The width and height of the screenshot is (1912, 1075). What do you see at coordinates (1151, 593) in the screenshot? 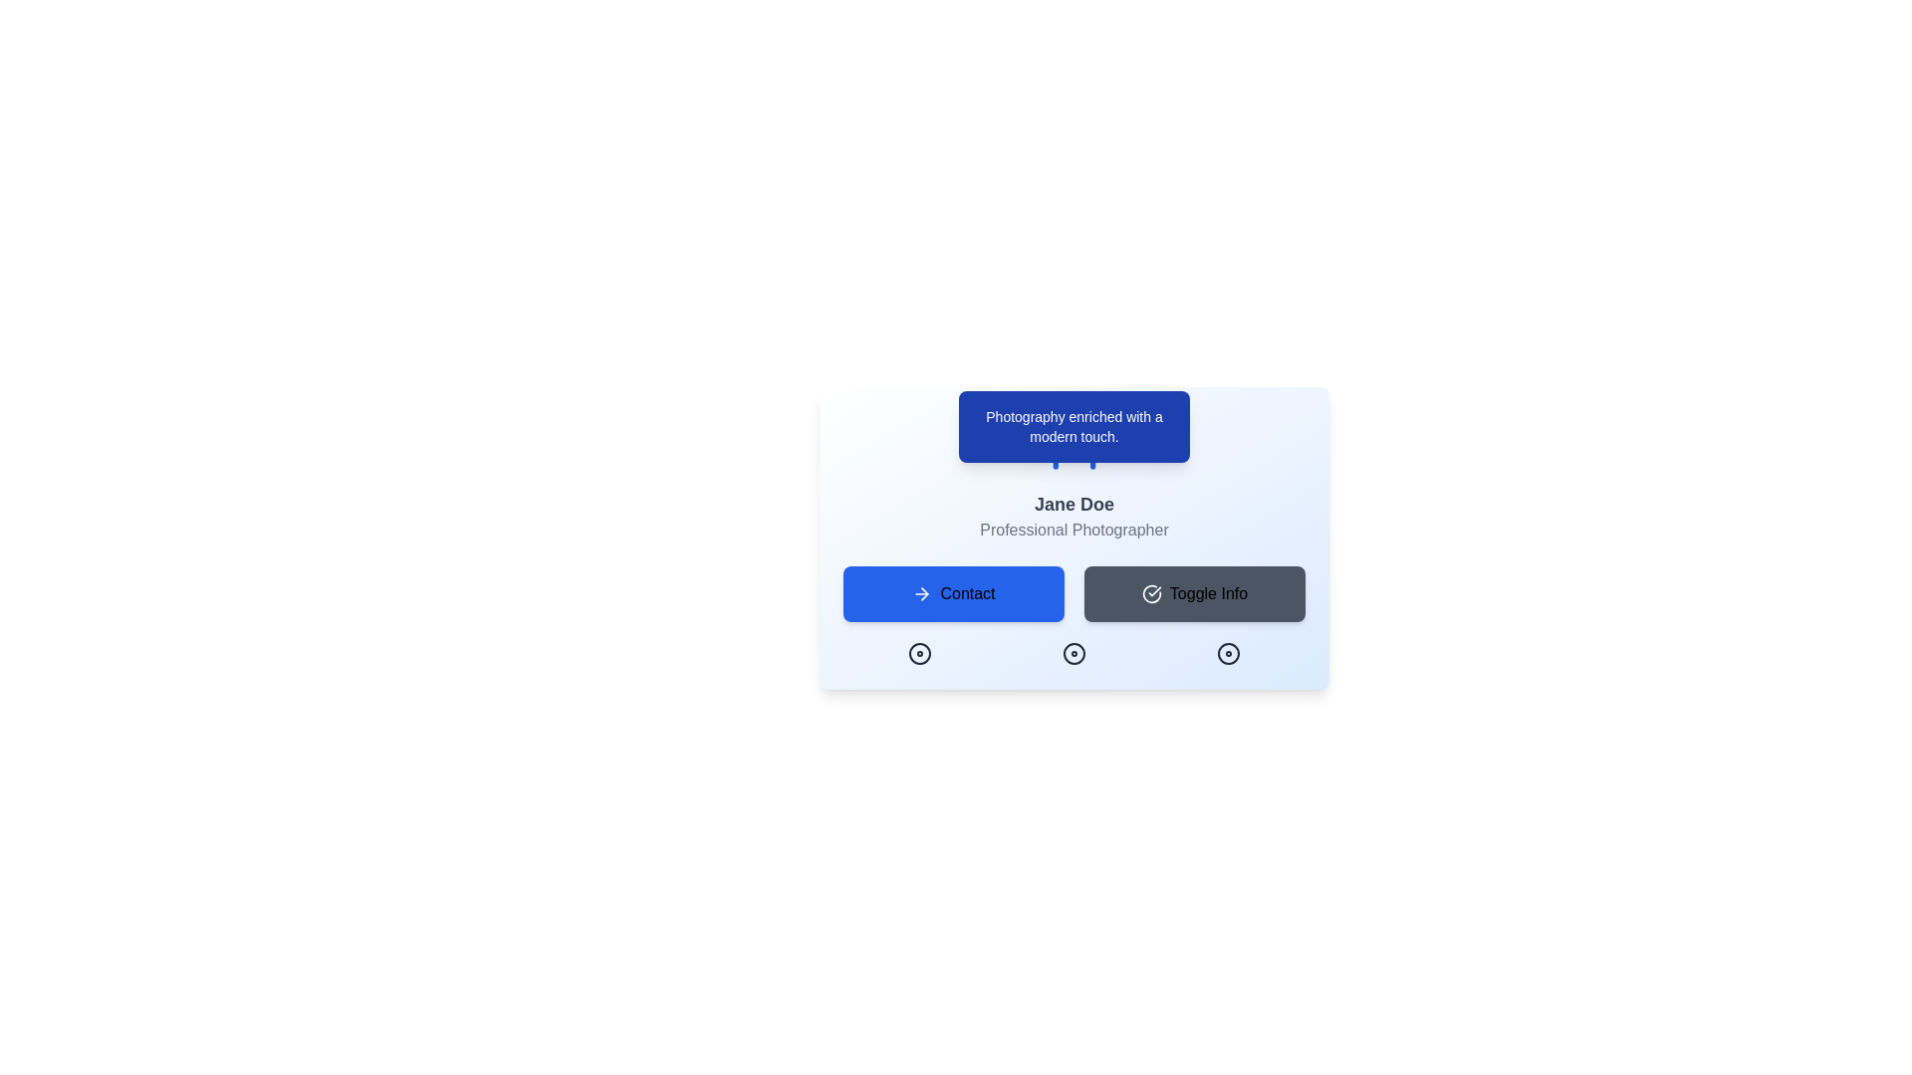
I see `the decorative icon within the 'Toggle Info' button, which indicates a successful operation or confirmation when toggling information` at bounding box center [1151, 593].